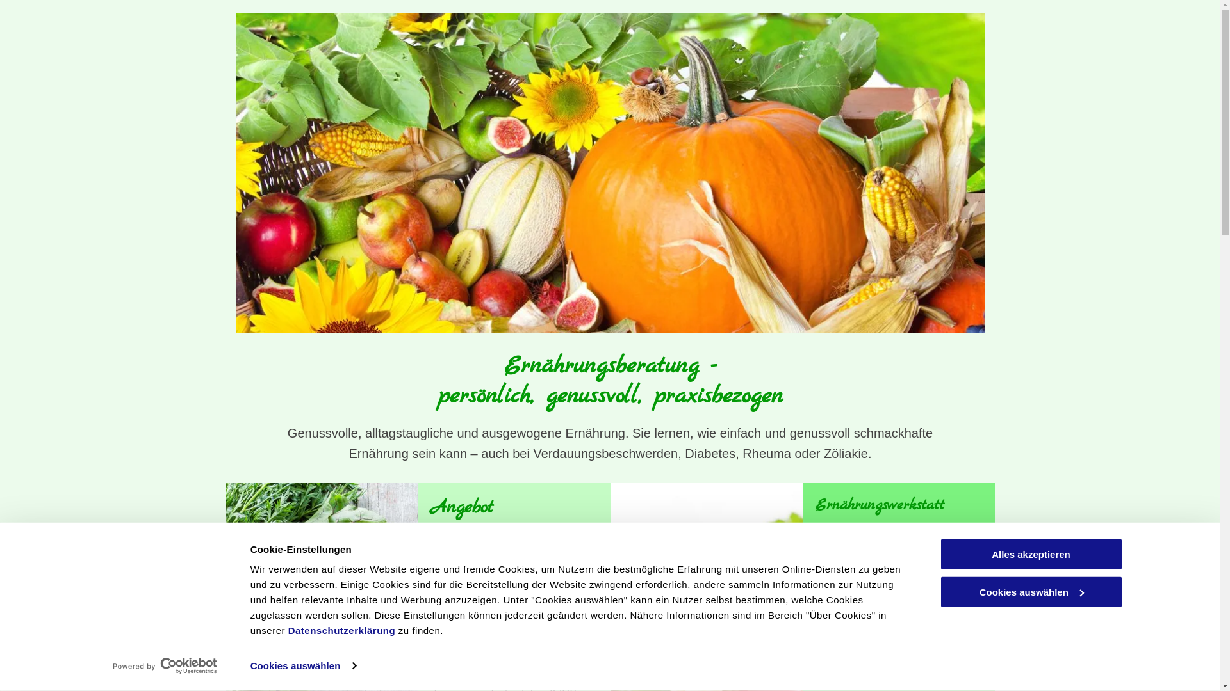  Describe the element at coordinates (1030, 553) in the screenshot. I see `'Alles akzeptieren'` at that location.